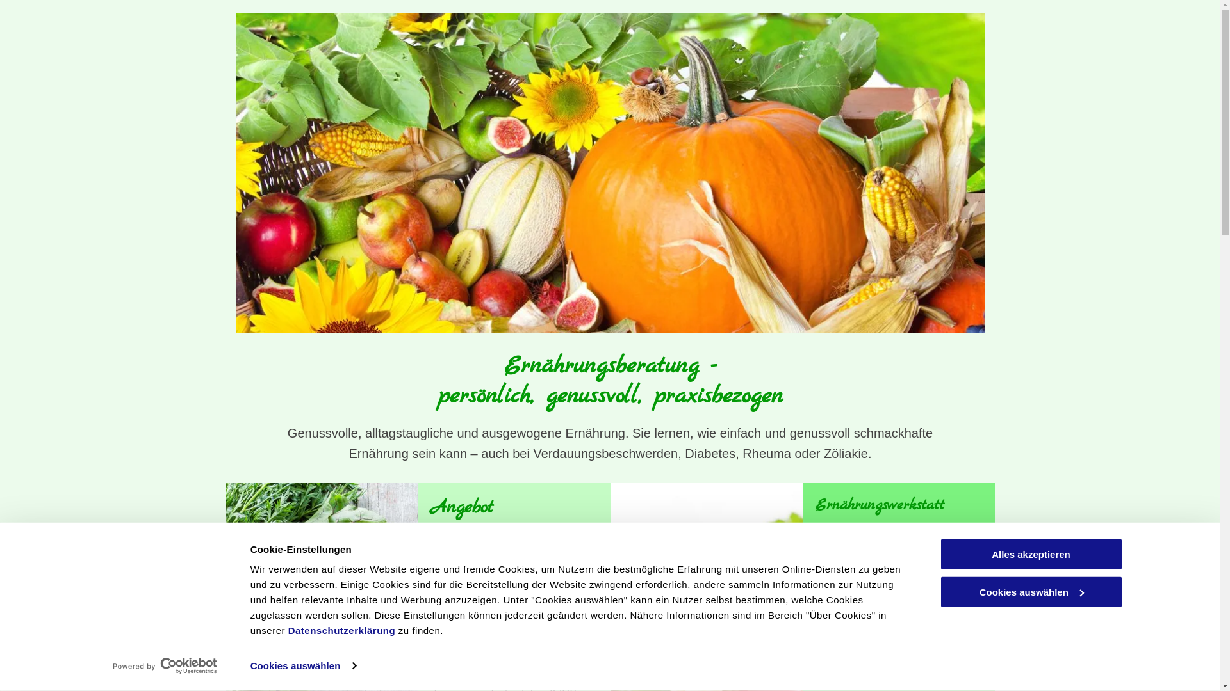  Describe the element at coordinates (1030, 553) in the screenshot. I see `'Alles akzeptieren'` at that location.